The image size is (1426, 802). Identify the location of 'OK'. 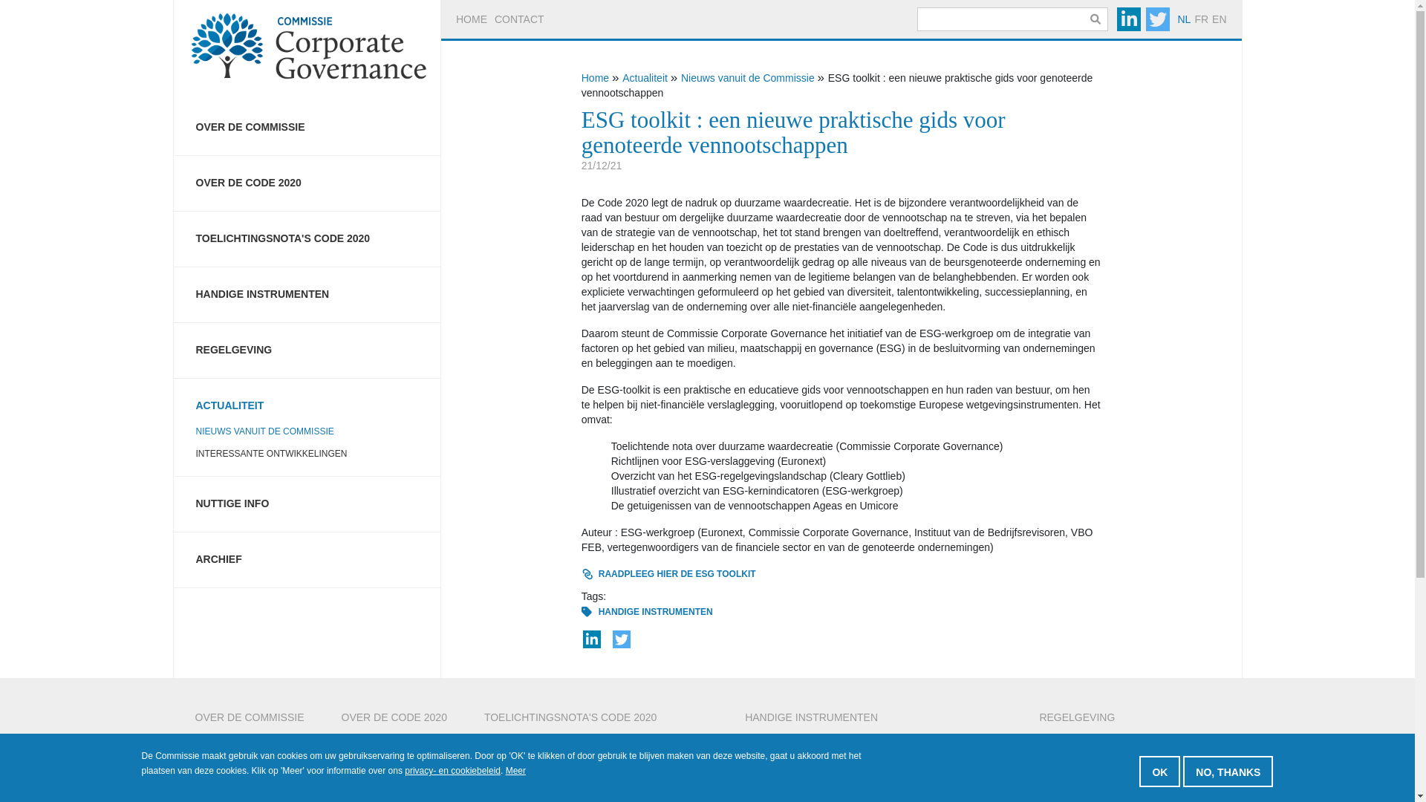
(1159, 770).